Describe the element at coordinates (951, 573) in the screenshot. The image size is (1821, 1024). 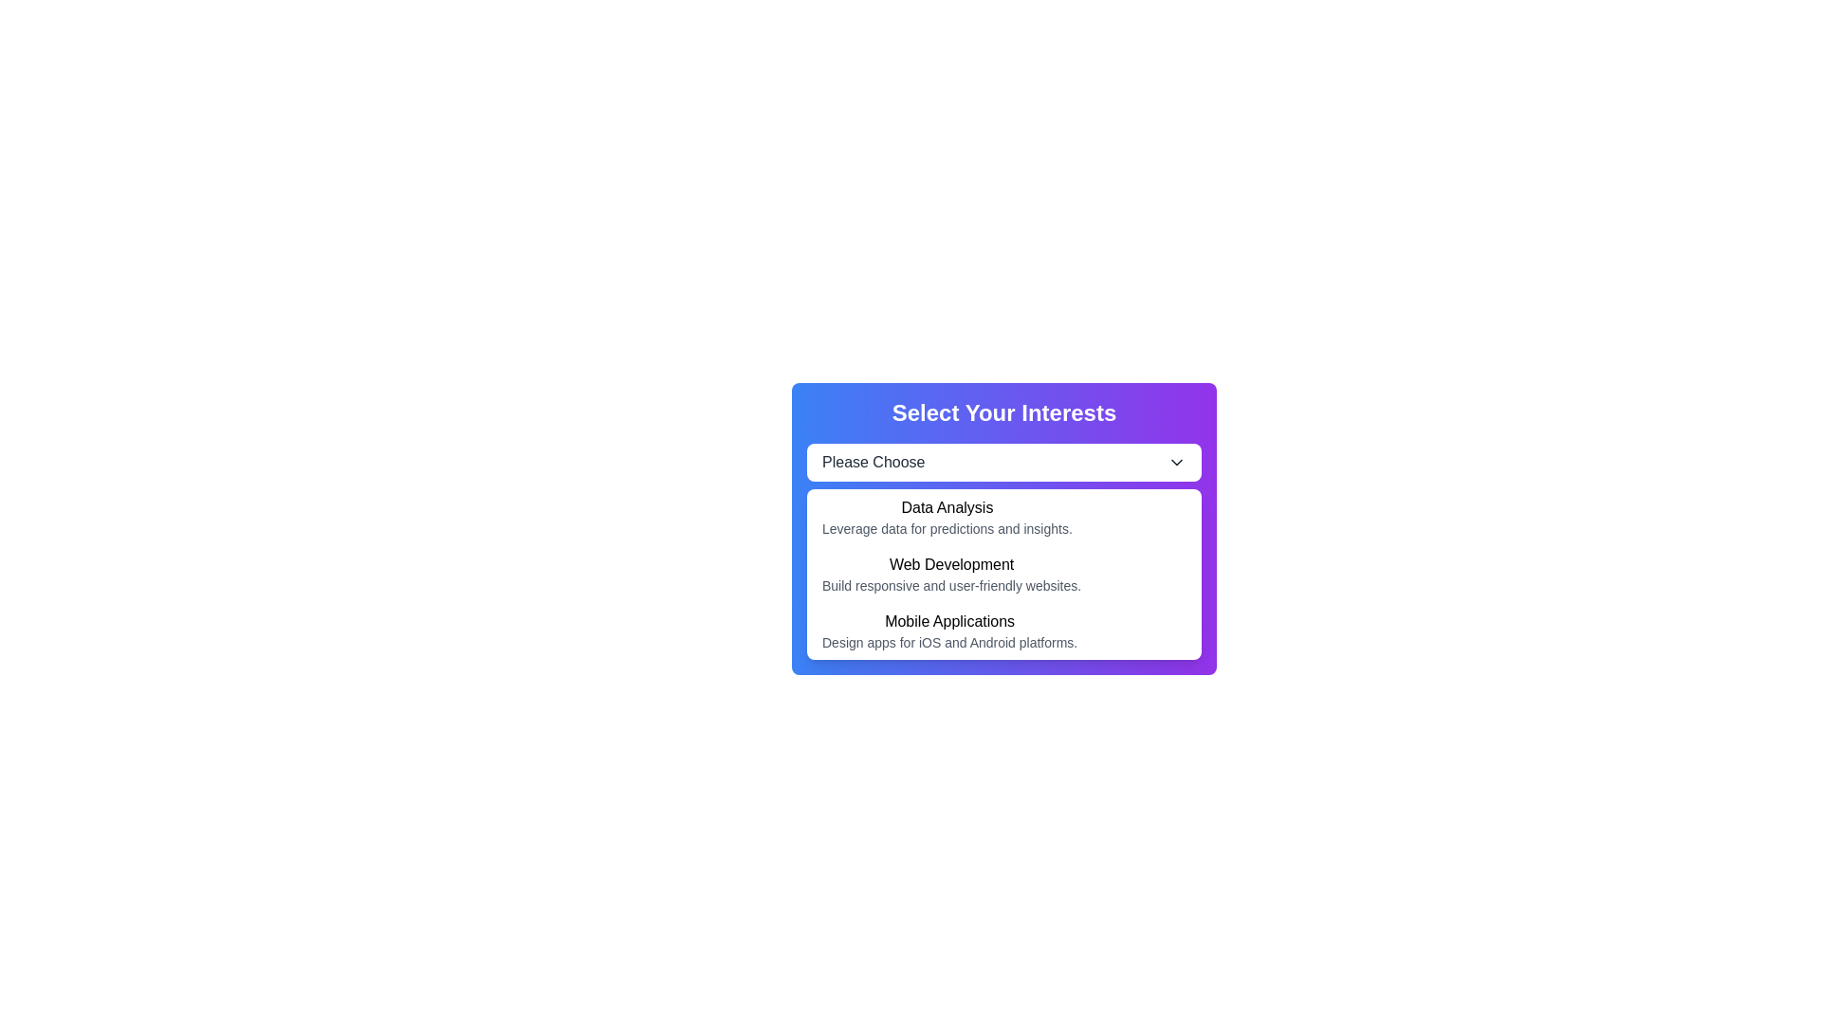
I see `the 'Web Development' text label under the 'Select Your Interests' heading` at that location.